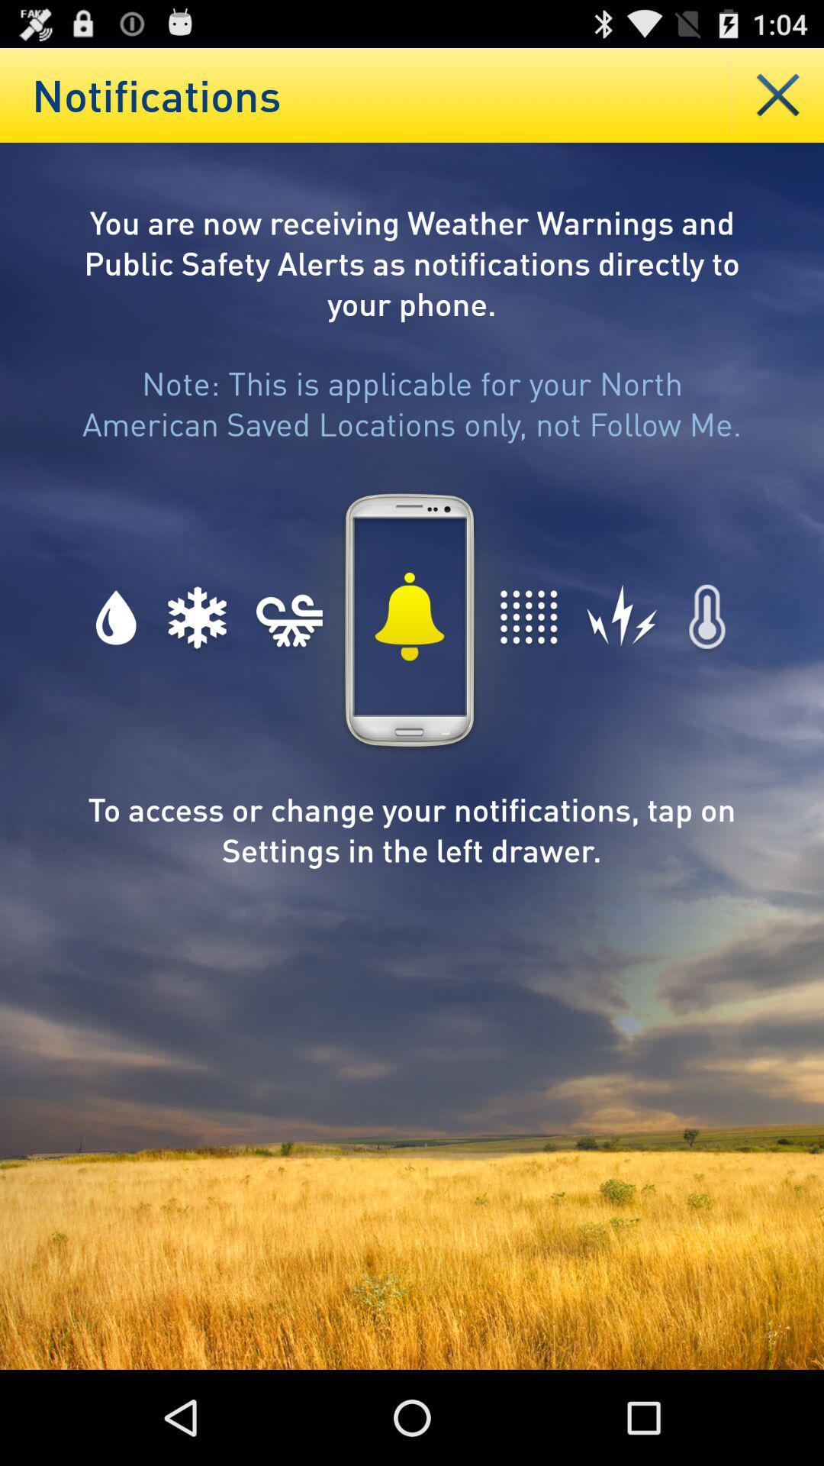  I want to click on delate, so click(777, 94).